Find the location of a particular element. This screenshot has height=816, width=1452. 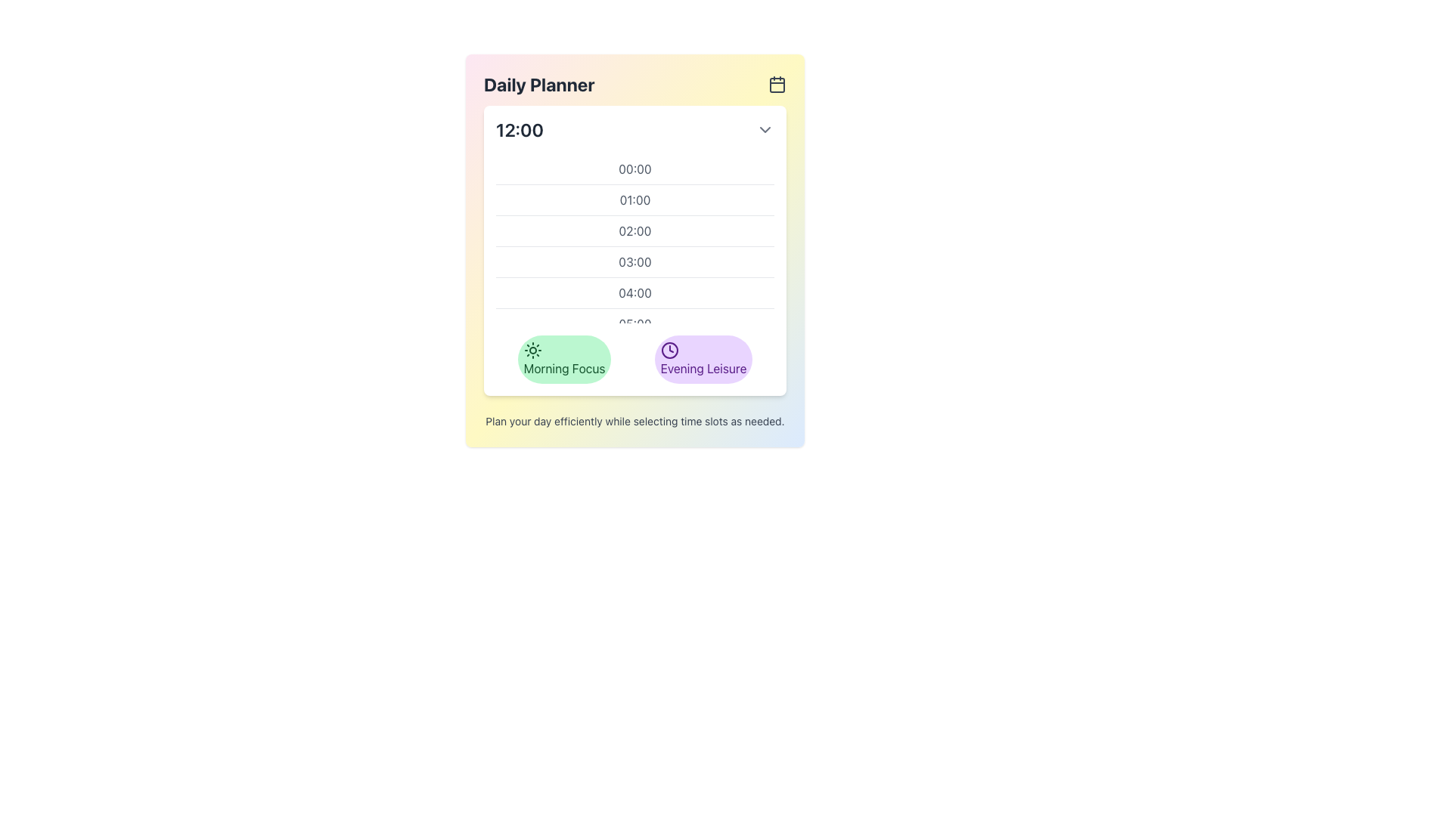

the Text Label displaying '12:00' in bold and large font, located at the top center of the dropdown in the 'Daily Planner' card is located at coordinates (520, 129).